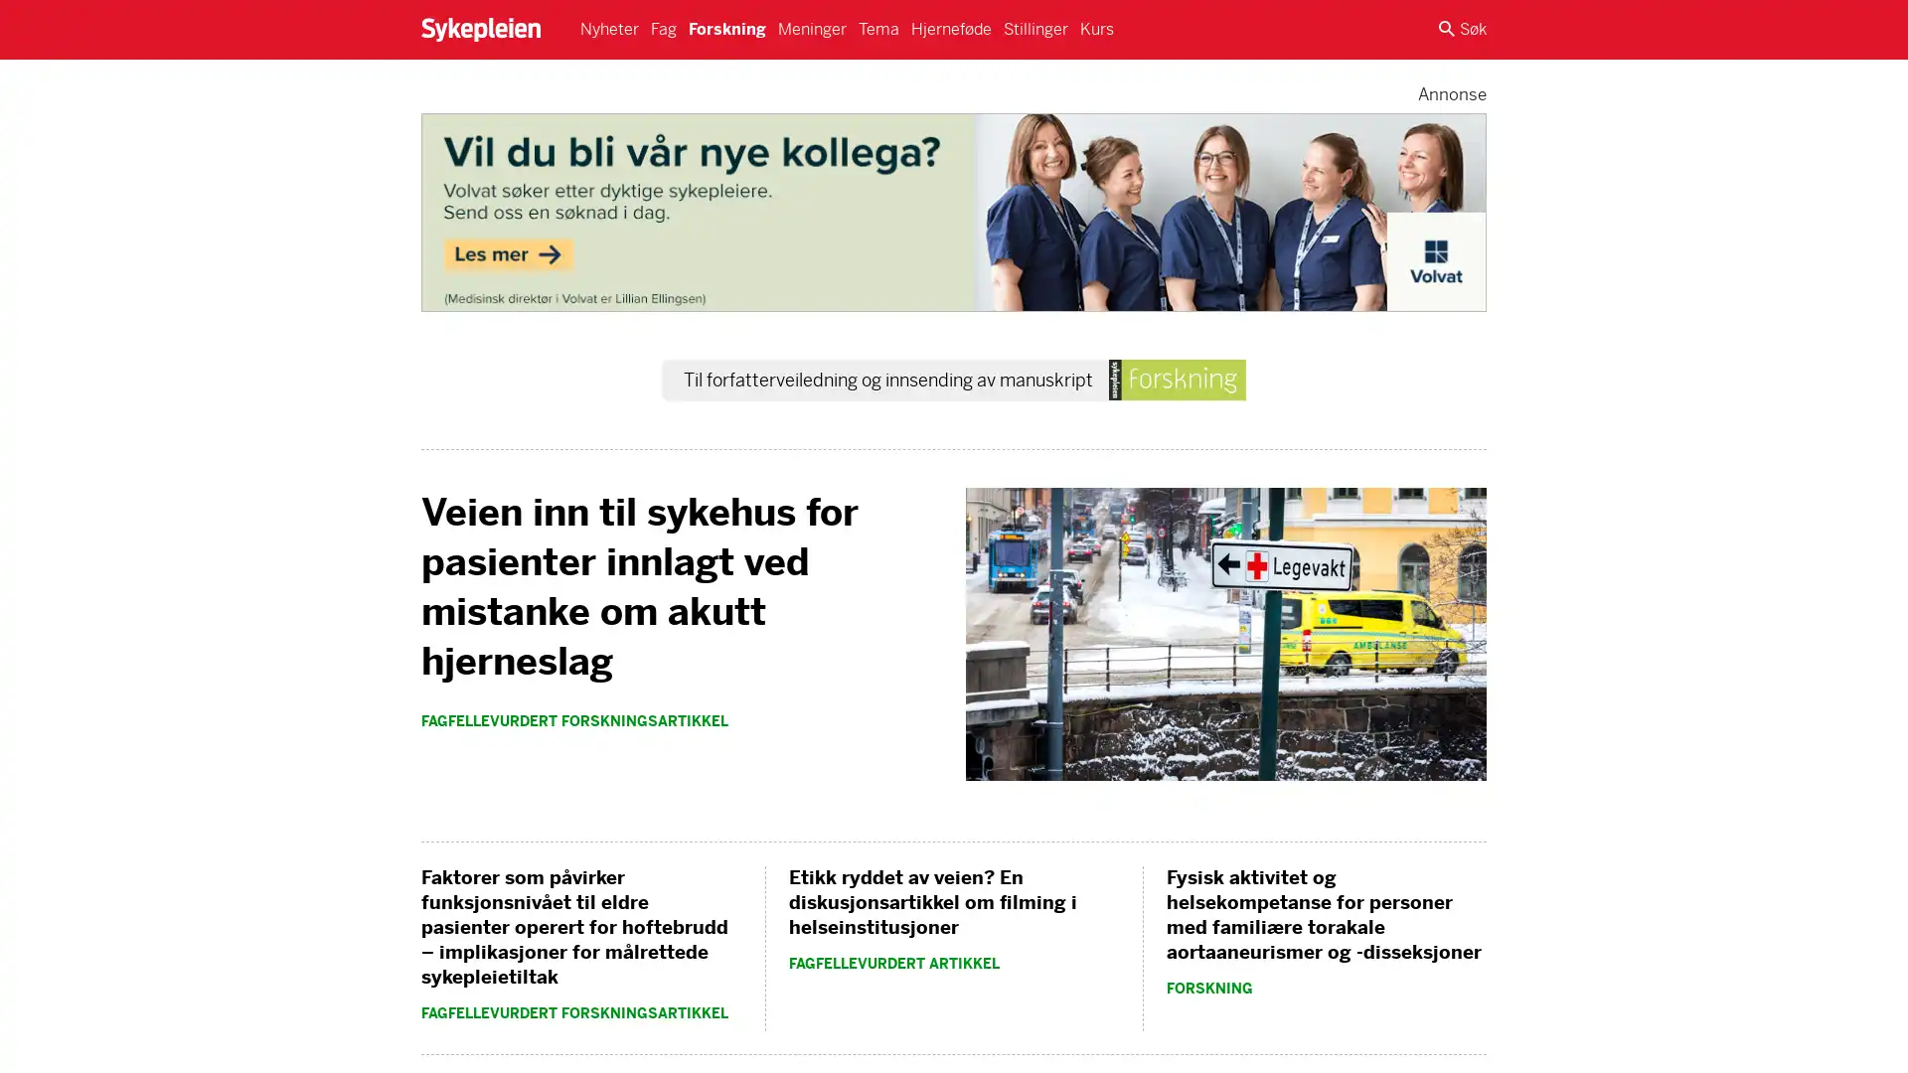 This screenshot has height=1073, width=1908. Describe the element at coordinates (1463, 30) in the screenshot. I see `Toggle Search` at that location.